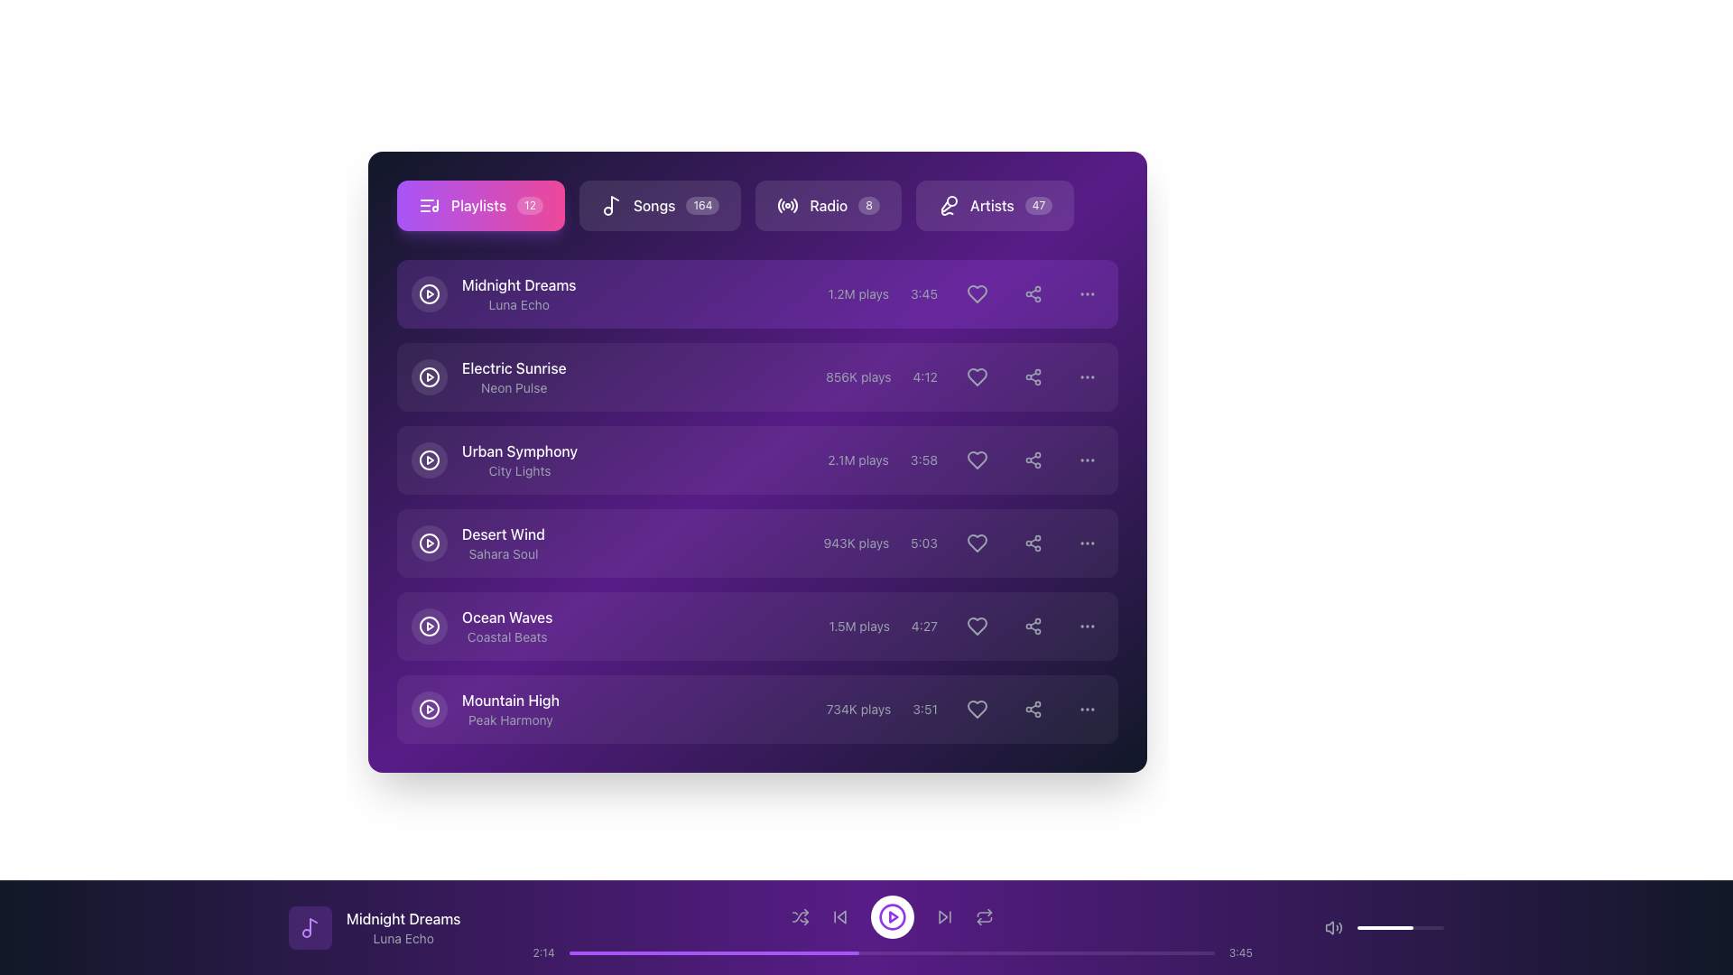 Image resolution: width=1733 pixels, height=975 pixels. Describe the element at coordinates (1383, 928) in the screenshot. I see `the volume level` at that location.